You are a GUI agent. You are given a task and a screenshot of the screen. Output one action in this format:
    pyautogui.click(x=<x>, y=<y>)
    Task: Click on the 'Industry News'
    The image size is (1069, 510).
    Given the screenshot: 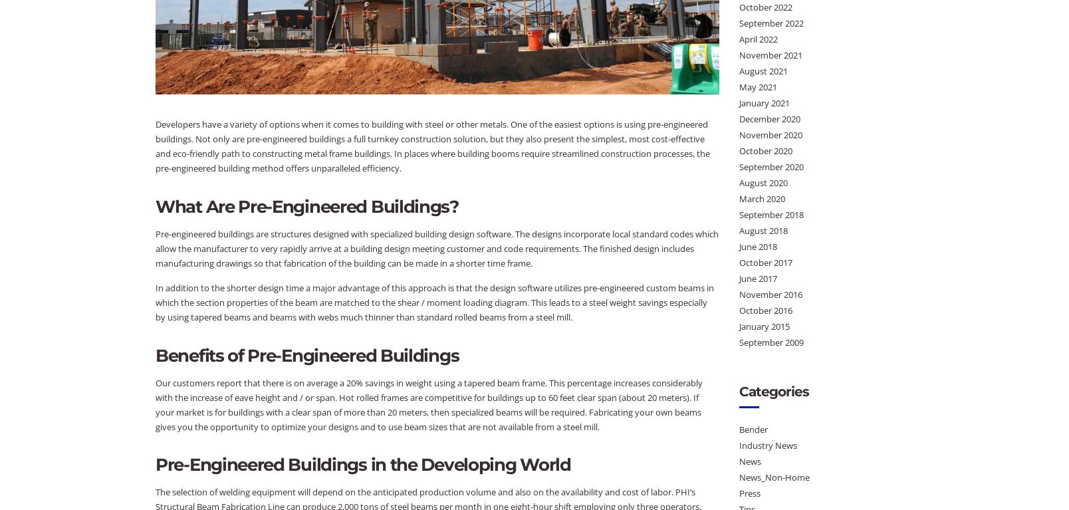 What is the action you would take?
    pyautogui.click(x=767, y=444)
    